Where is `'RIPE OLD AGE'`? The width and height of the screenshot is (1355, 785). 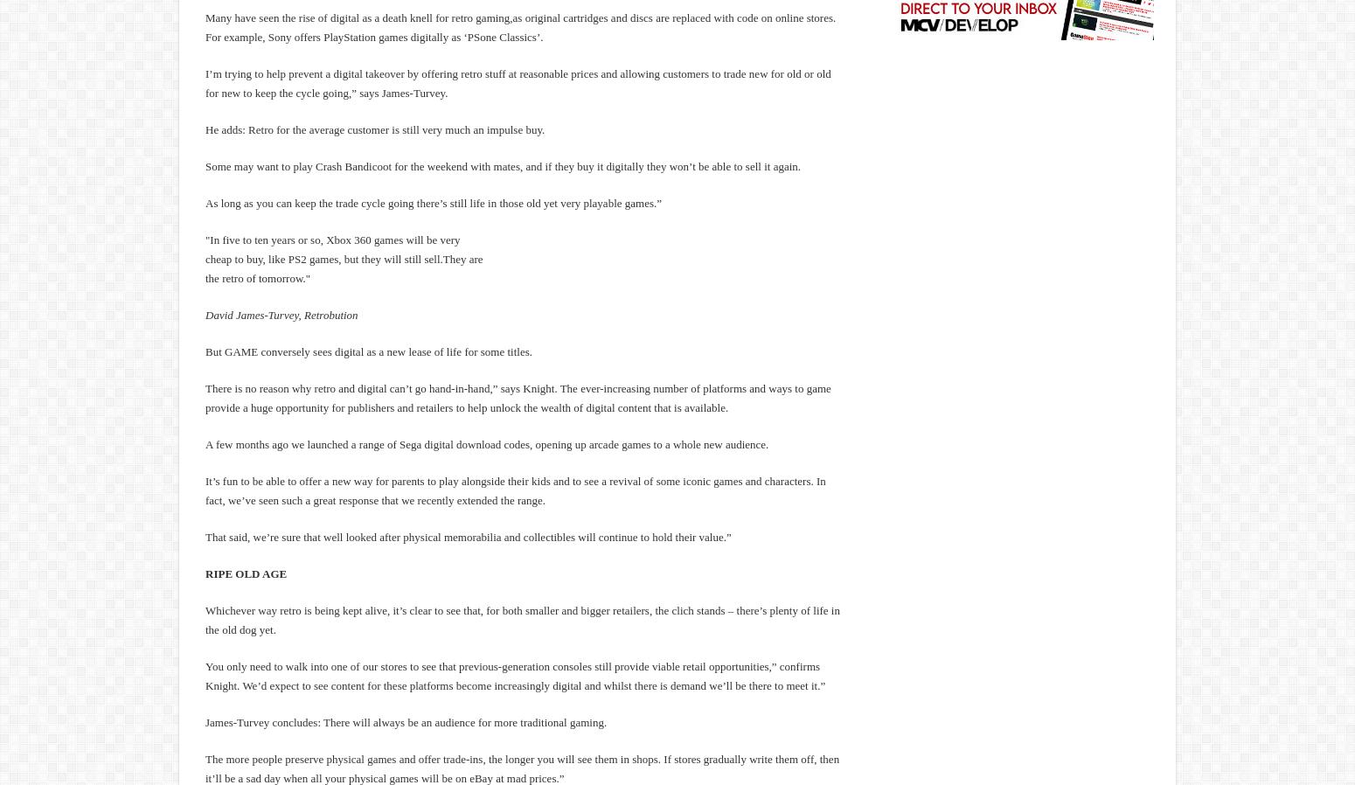 'RIPE OLD AGE' is located at coordinates (205, 573).